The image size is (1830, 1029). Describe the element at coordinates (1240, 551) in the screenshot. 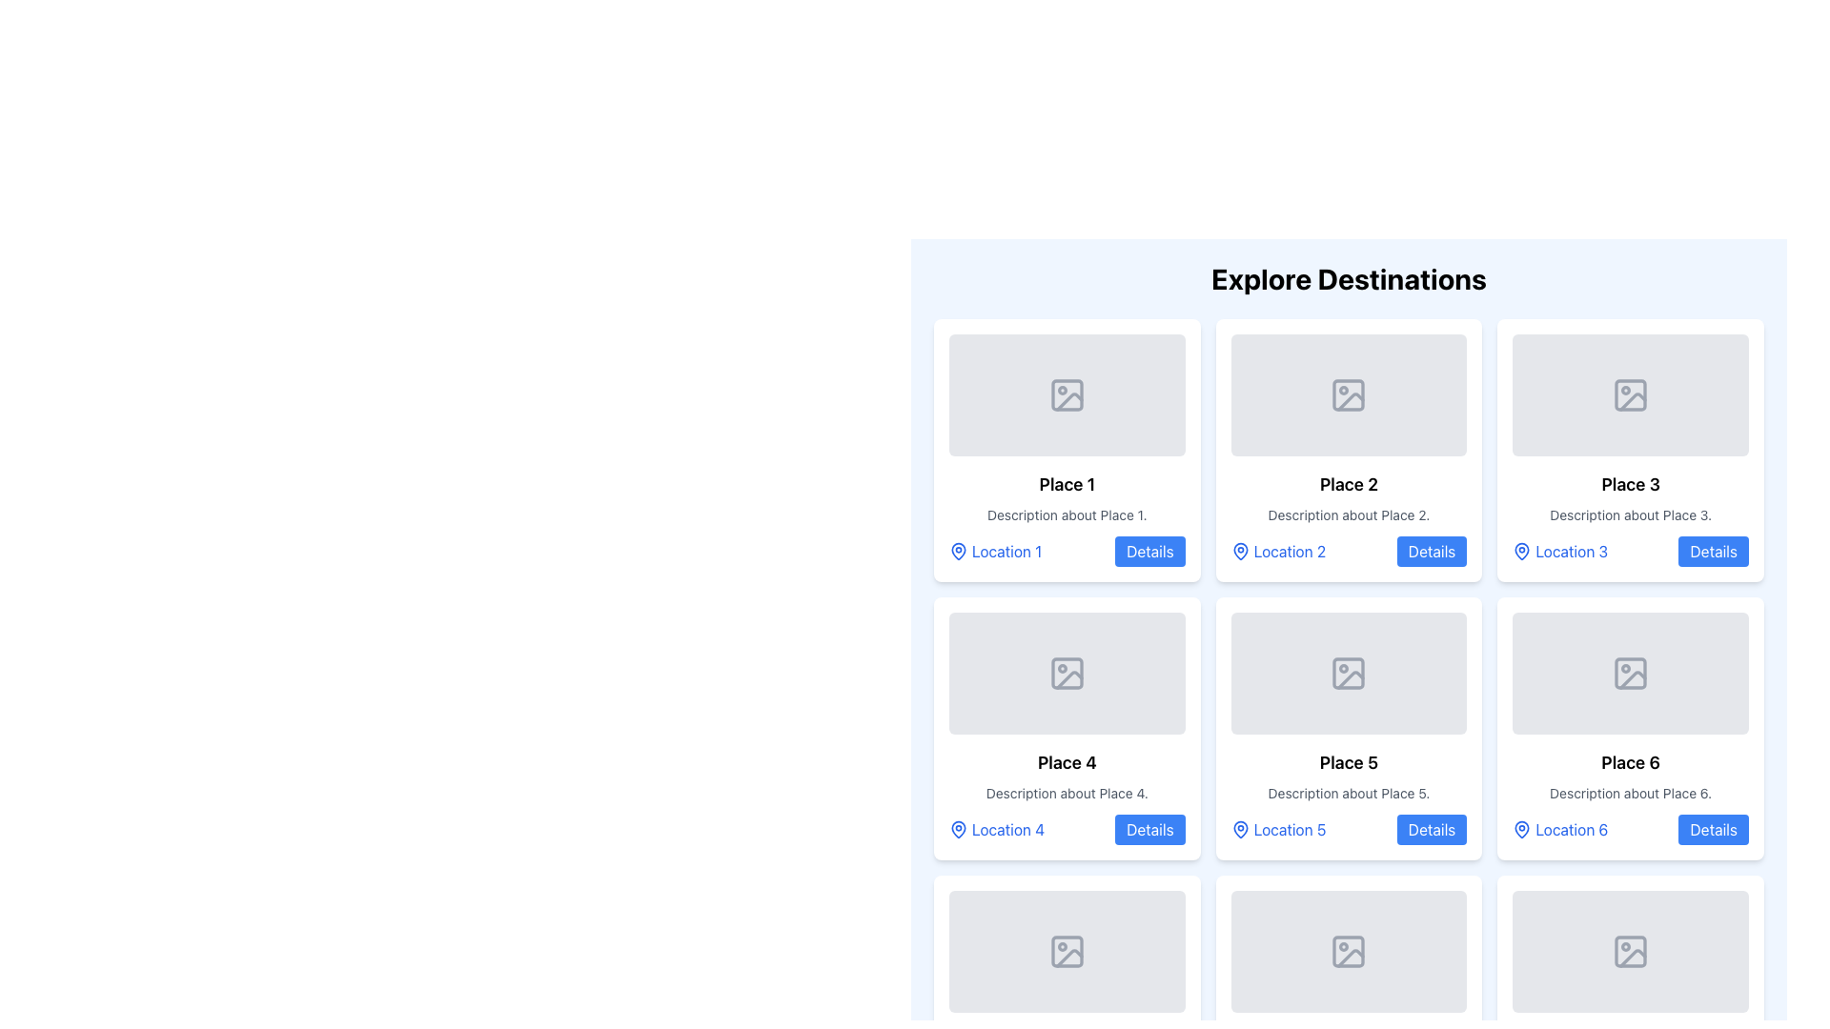

I see `the location pin icon, which is styled in a circular shape with a downward point and colored to match the blue theme, located to the left of the 'Details' button in the second card of the grid layout adjacent to the text 'Location 2'` at that location.